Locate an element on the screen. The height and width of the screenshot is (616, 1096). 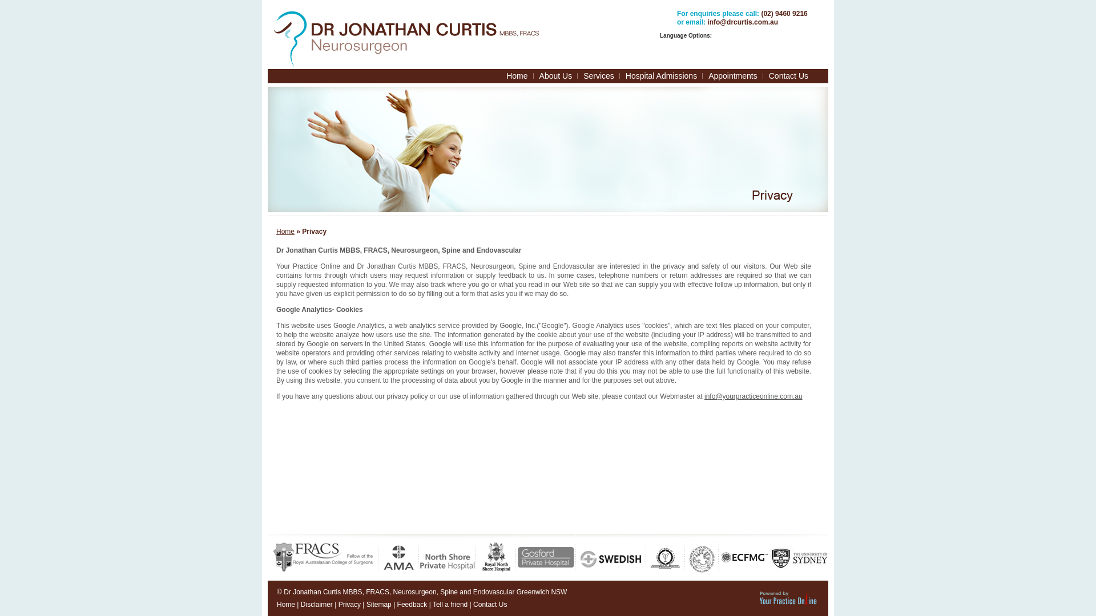
'Tell a friend' is located at coordinates (449, 604).